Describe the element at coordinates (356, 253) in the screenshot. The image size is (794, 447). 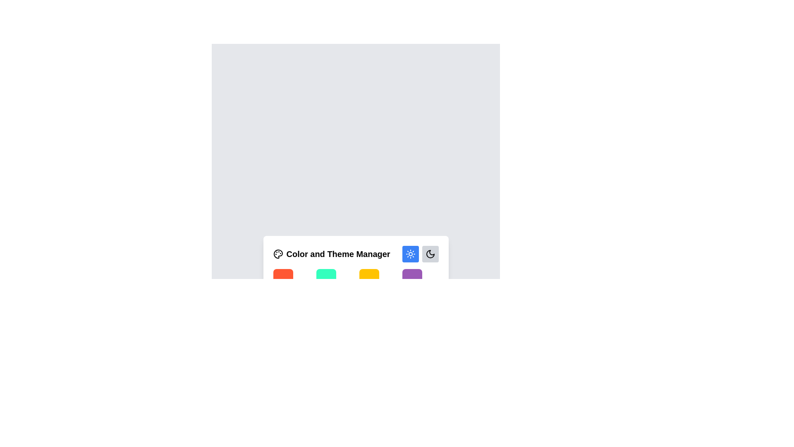
I see `the 'Color and Theme Manager' header` at that location.